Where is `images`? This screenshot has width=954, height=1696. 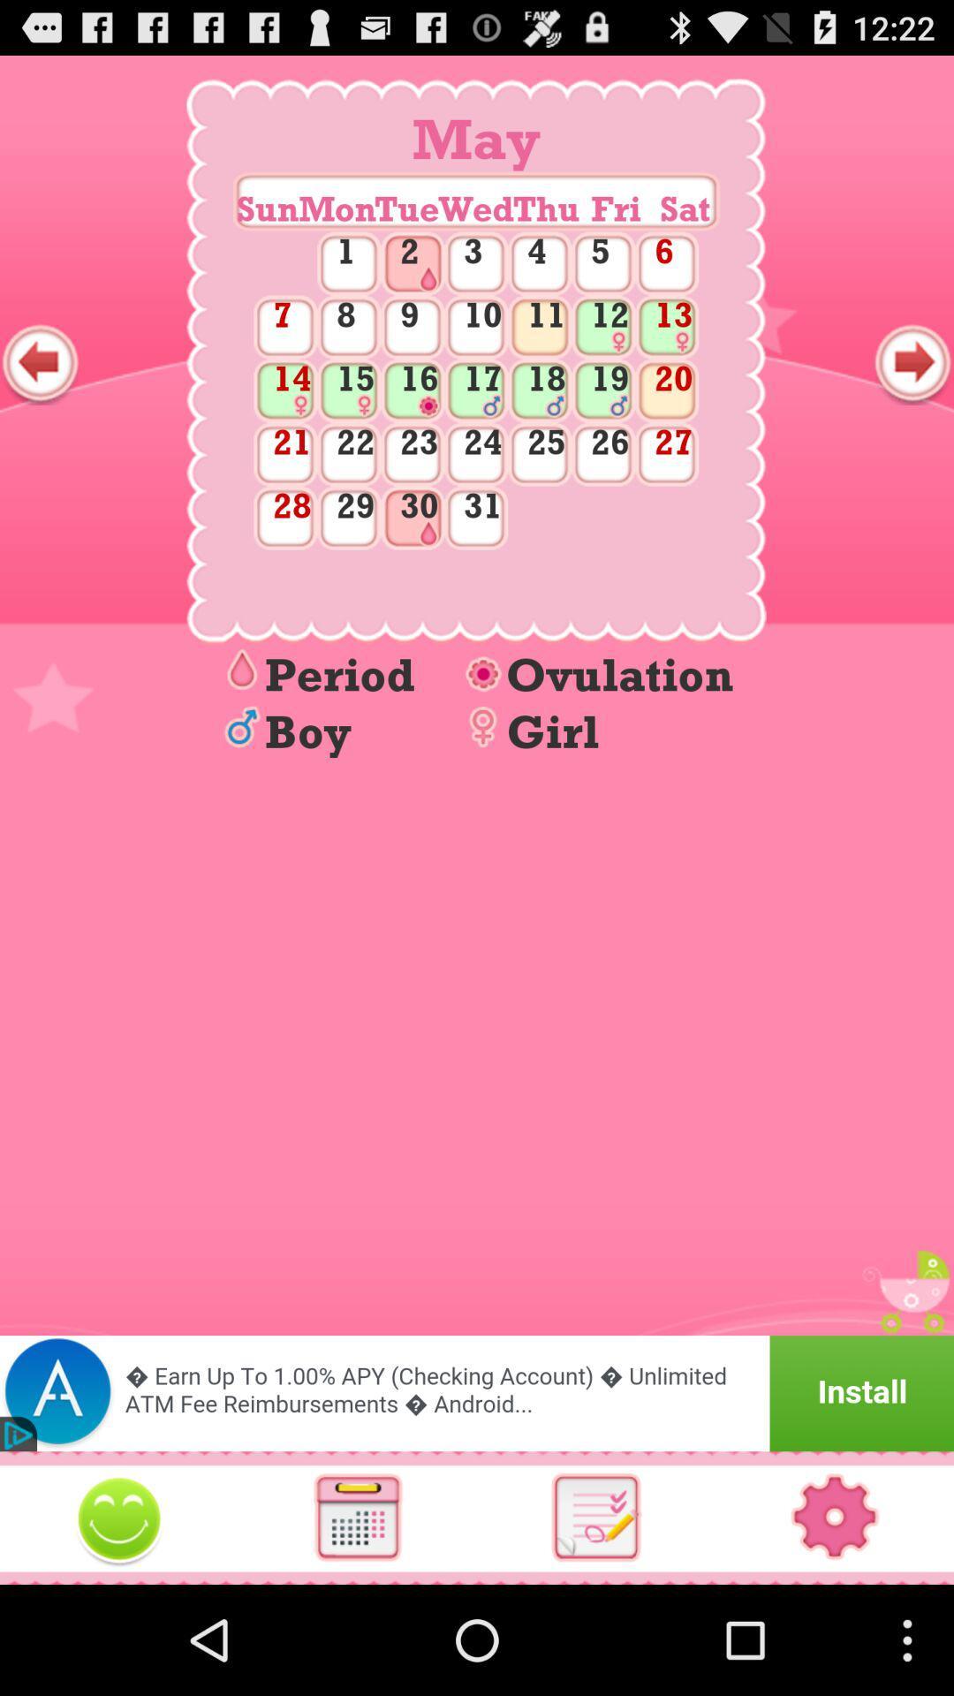 images is located at coordinates (119, 1517).